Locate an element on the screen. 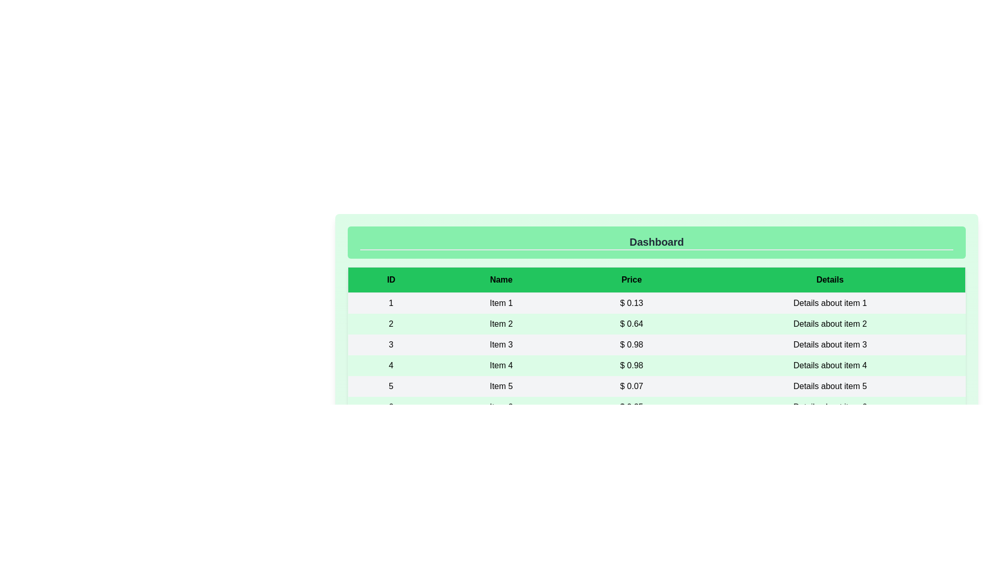 The image size is (998, 561). the table headers by focusing on the header row and extracting their text is located at coordinates (656, 279).